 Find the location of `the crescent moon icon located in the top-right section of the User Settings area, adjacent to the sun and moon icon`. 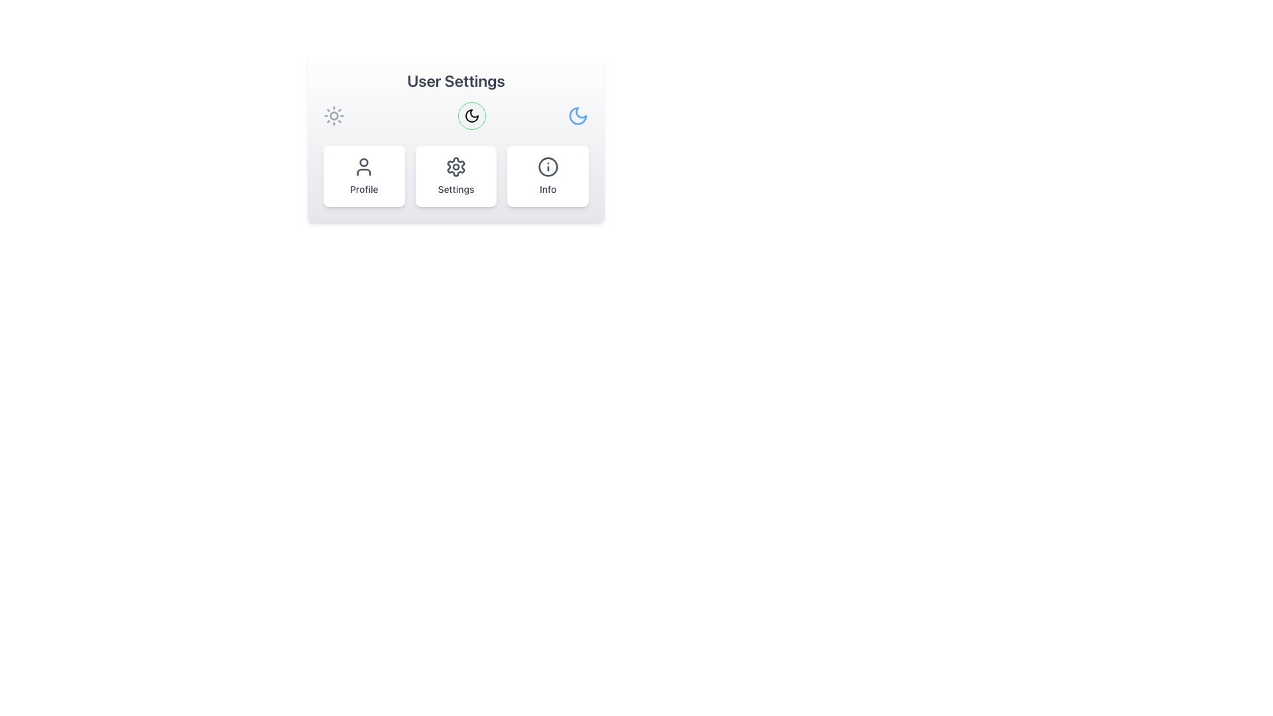

the crescent moon icon located in the top-right section of the User Settings area, adjacent to the sun and moon icon is located at coordinates (471, 115).